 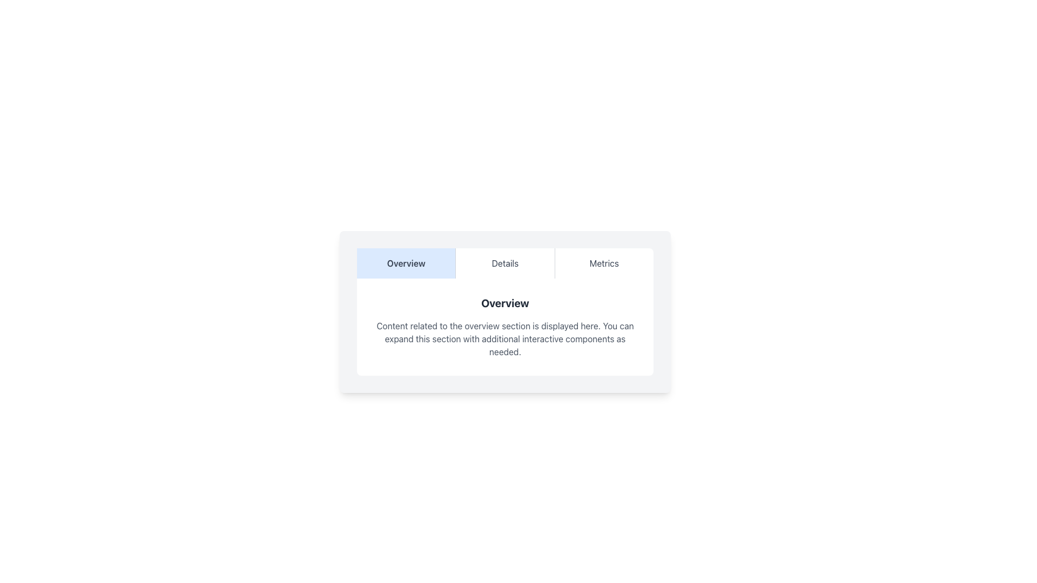 What do you see at coordinates (406, 263) in the screenshot?
I see `the 'Overview' button, which is the first tab in a group of three navigational buttons at the top of the card-style component` at bounding box center [406, 263].